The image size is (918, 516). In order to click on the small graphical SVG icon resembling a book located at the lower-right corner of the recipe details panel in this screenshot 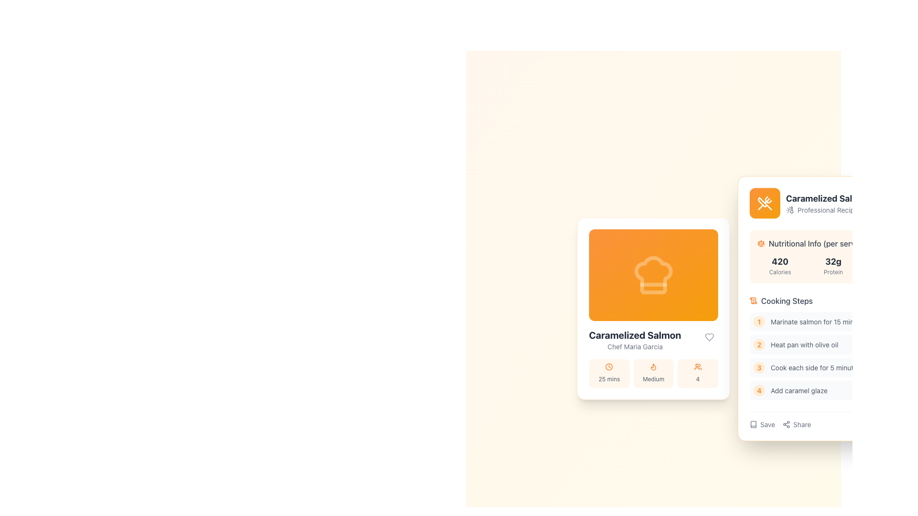, I will do `click(753, 423)`.